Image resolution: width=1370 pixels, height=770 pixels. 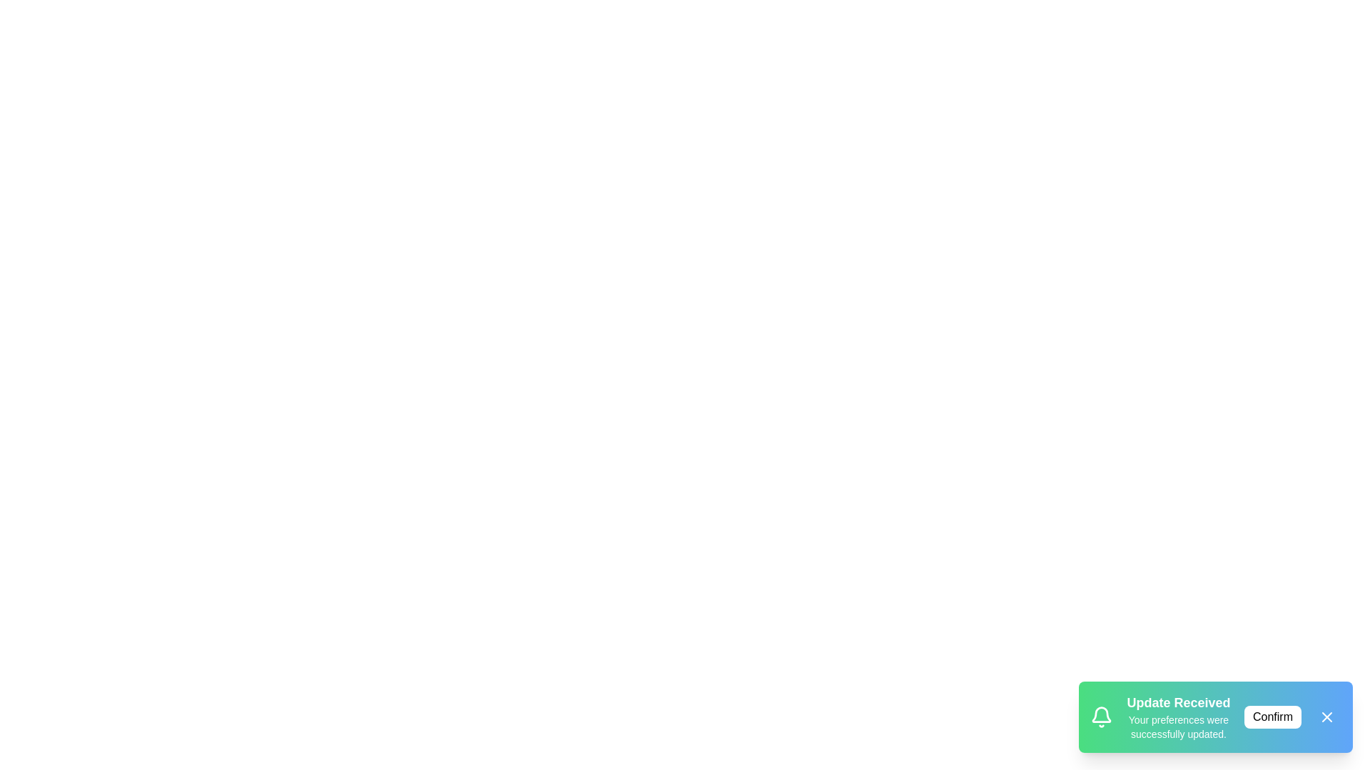 What do you see at coordinates (1273, 717) in the screenshot?
I see `'Confirm' button to acknowledge the update` at bounding box center [1273, 717].